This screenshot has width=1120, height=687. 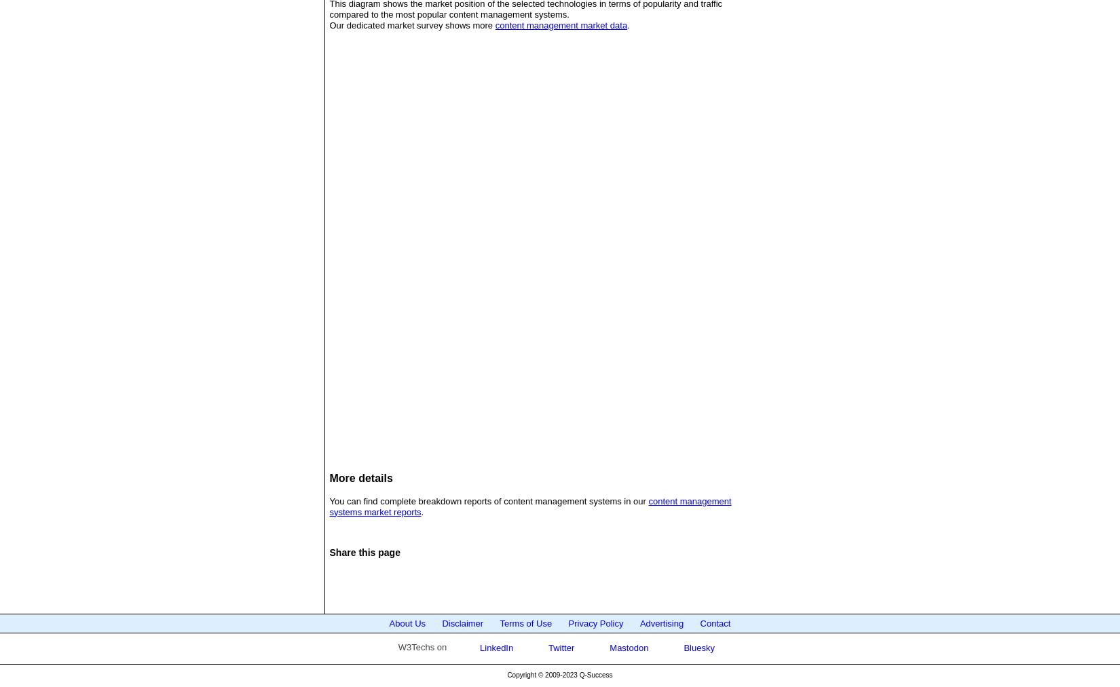 What do you see at coordinates (328, 24) in the screenshot?
I see `'Our dedicated market survey shows more'` at bounding box center [328, 24].